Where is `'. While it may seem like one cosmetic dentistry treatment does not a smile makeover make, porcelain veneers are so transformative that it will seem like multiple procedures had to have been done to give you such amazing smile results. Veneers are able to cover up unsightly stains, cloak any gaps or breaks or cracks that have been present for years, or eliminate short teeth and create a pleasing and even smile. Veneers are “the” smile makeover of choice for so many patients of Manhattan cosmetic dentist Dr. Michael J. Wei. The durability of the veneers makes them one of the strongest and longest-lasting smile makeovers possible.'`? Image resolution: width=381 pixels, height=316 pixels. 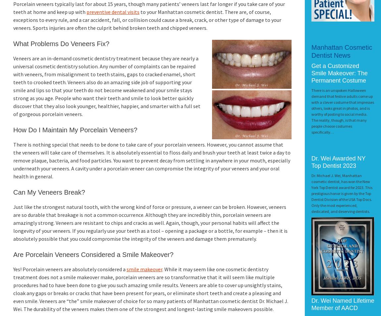 '. While it may seem like one cosmetic dentistry treatment does not a smile makeover make, porcelain veneers are so transformative that it will seem like multiple procedures had to have been done to give you such amazing smile results. Veneers are able to cover up unsightly stains, cloak any gaps or breaks or cracks that have been present for years, or eliminate short teeth and create a pleasing and even smile. Veneers are “the” smile makeover of choice for so many patients of Manhattan cosmetic dentist Dr. Michael J. Wei. The durability of the veneers makes them one of the strongest and longest-lasting smile makeovers possible.' is located at coordinates (13, 289).